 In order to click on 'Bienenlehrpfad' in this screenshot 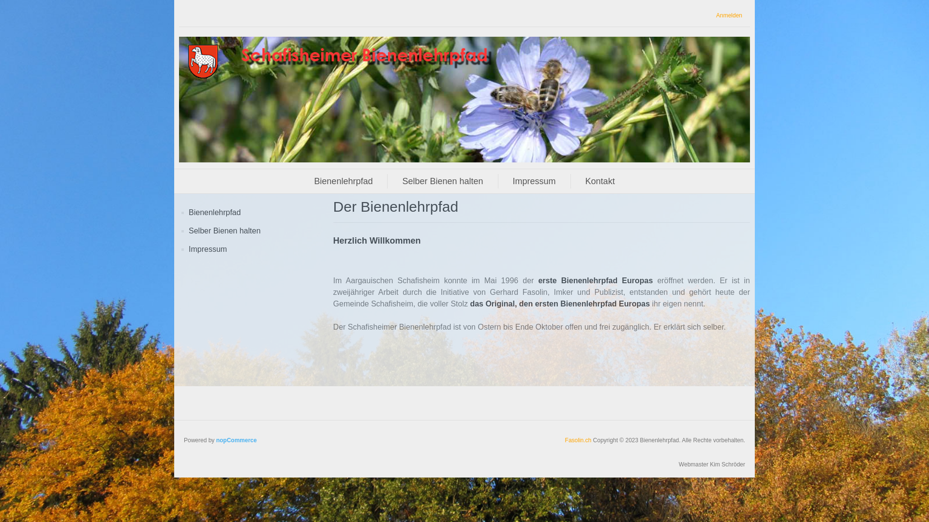, I will do `click(343, 181)`.